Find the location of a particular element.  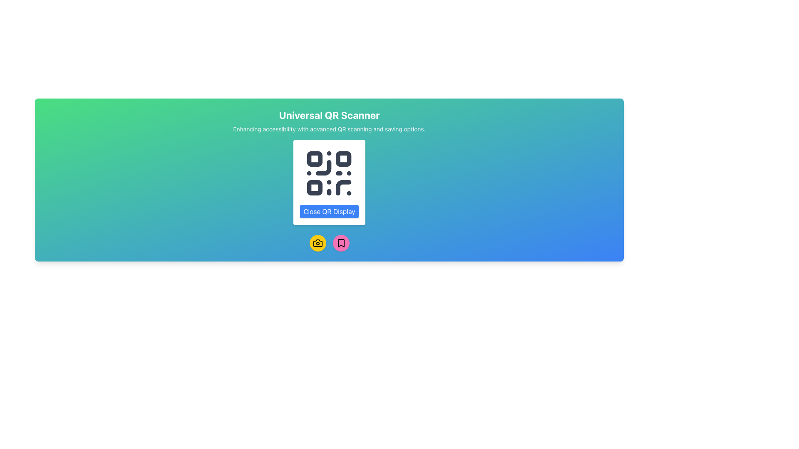

the small square shape with slightly rounded corners filled with a solid color, located in the second row and second column of the QR code graphic is located at coordinates (344, 159).